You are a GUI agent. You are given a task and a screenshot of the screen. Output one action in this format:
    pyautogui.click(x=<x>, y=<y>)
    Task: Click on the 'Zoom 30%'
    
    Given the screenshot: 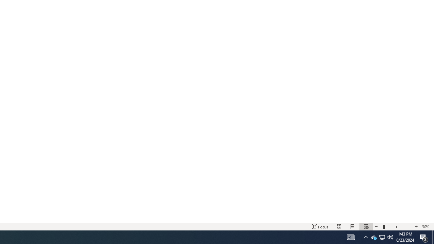 What is the action you would take?
    pyautogui.click(x=426, y=227)
    